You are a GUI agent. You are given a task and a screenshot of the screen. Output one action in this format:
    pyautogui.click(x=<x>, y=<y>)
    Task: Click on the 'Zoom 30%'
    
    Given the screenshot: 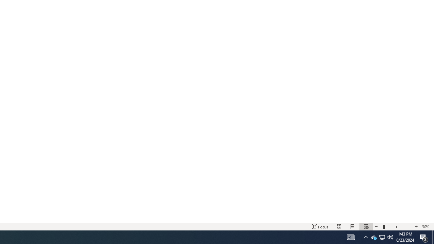 What is the action you would take?
    pyautogui.click(x=426, y=227)
    